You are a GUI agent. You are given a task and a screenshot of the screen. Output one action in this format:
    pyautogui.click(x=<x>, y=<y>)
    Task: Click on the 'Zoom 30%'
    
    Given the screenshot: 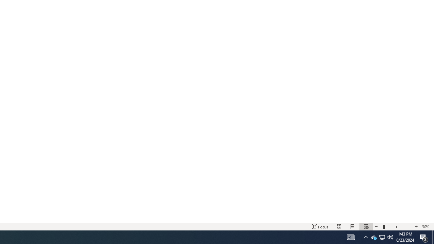 What is the action you would take?
    pyautogui.click(x=426, y=227)
    